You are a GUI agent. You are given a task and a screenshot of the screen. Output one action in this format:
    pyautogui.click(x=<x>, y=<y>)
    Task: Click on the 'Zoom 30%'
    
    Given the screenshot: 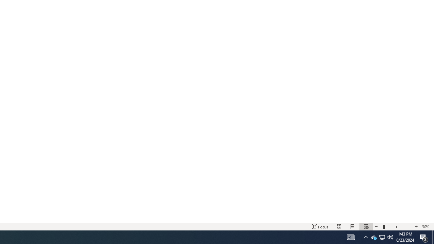 What is the action you would take?
    pyautogui.click(x=426, y=227)
    